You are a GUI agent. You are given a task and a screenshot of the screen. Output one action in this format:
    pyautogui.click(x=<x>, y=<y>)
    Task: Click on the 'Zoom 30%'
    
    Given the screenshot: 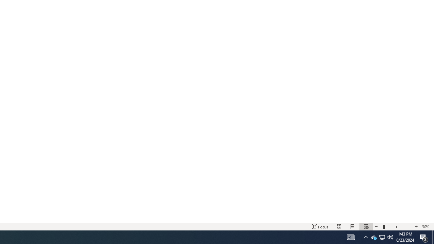 What is the action you would take?
    pyautogui.click(x=426, y=227)
    